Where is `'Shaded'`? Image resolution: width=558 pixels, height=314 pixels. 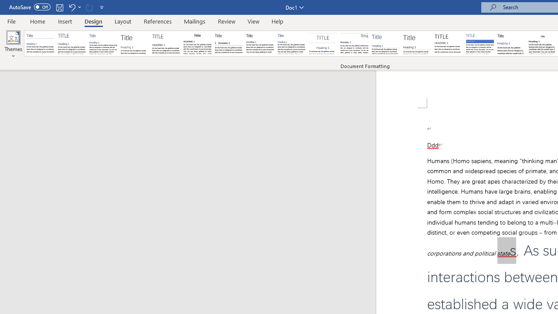
'Shaded' is located at coordinates (479, 44).